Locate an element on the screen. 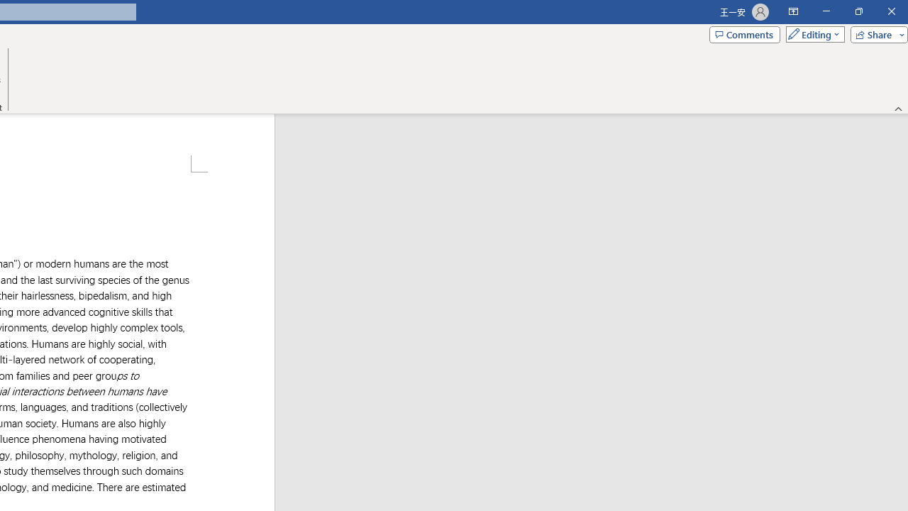 This screenshot has height=511, width=908. 'Comments' is located at coordinates (743, 33).